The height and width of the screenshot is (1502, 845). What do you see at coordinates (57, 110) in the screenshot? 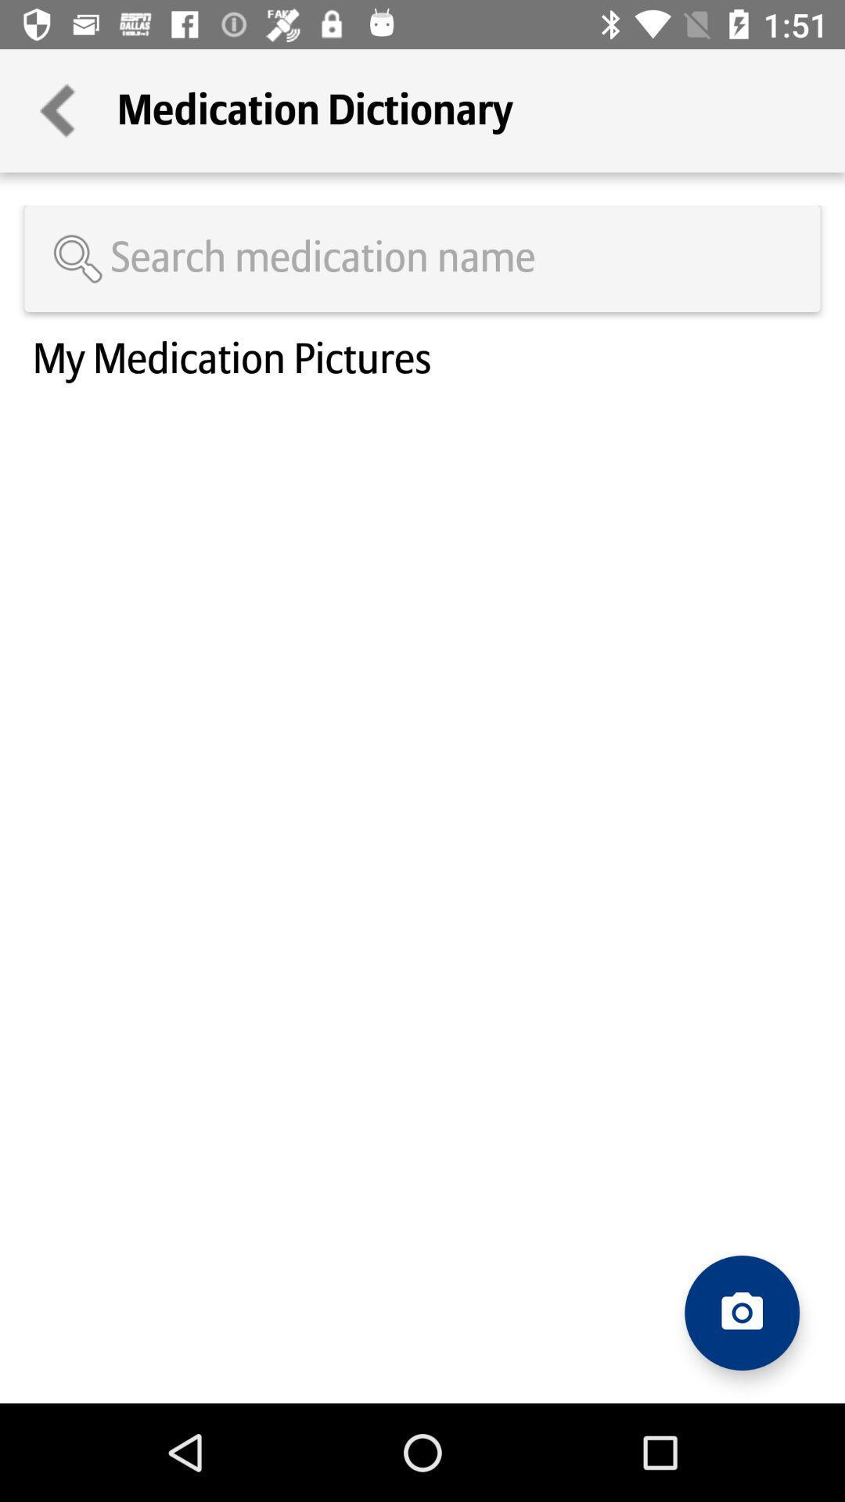
I see `go back` at bounding box center [57, 110].